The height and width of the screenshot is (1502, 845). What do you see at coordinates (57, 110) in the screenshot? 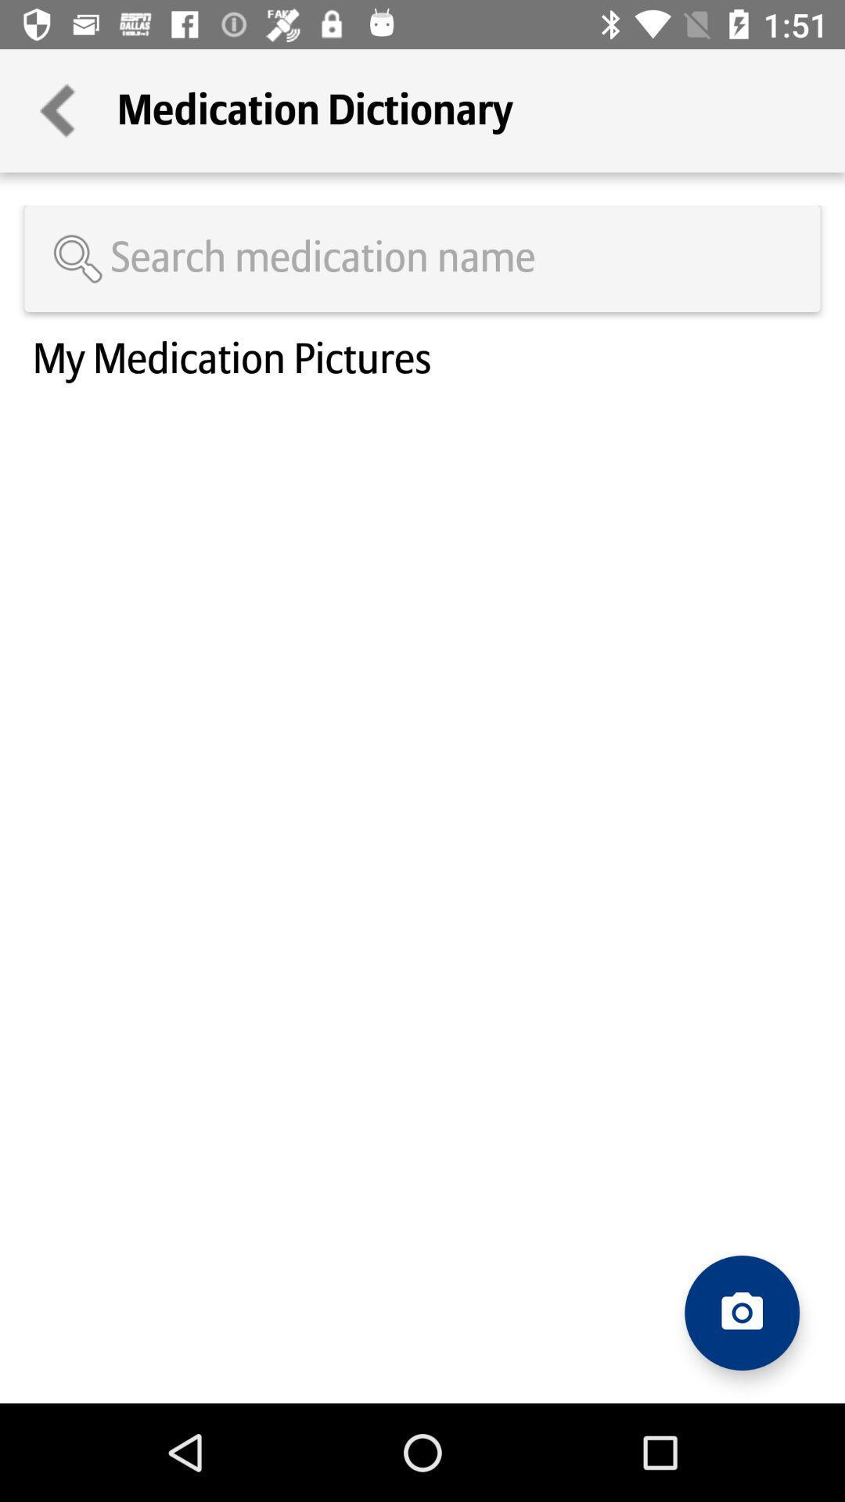
I see `go back` at bounding box center [57, 110].